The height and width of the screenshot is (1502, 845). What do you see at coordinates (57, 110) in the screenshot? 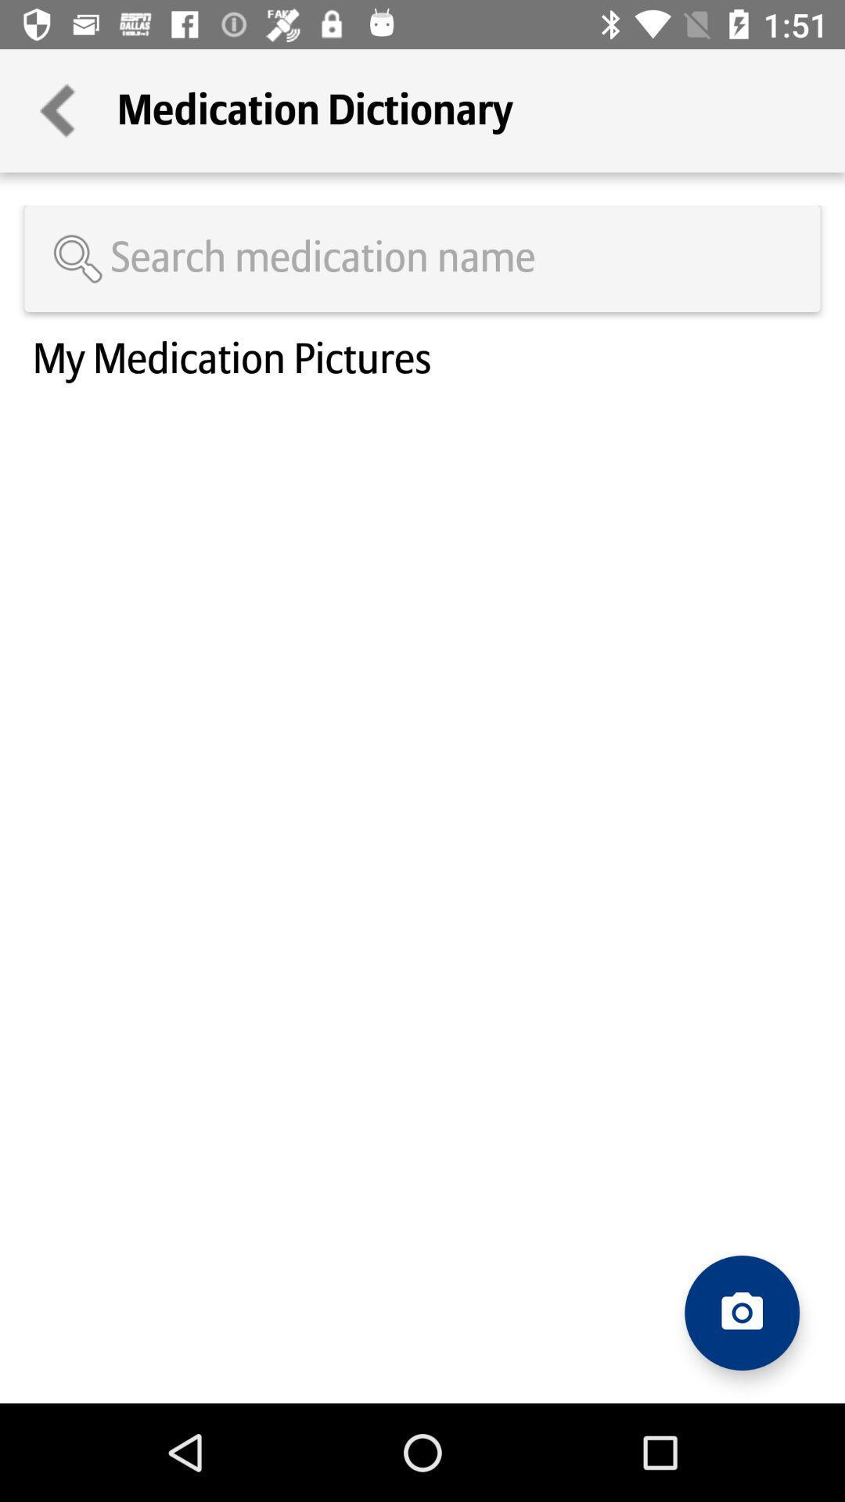
I see `go back` at bounding box center [57, 110].